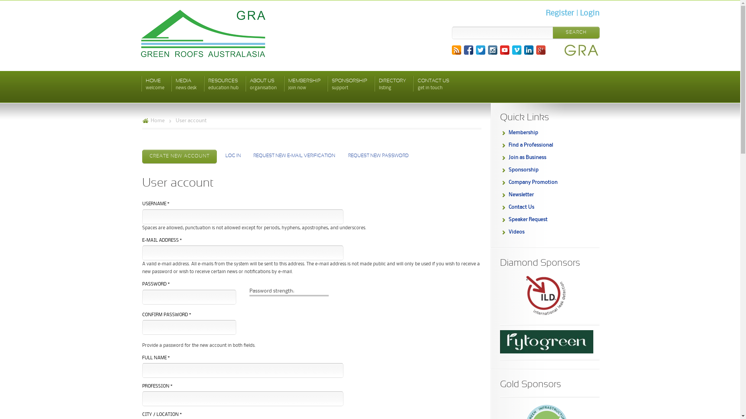 The width and height of the screenshot is (746, 419). Describe the element at coordinates (521, 194) in the screenshot. I see `'Newsletter'` at that location.